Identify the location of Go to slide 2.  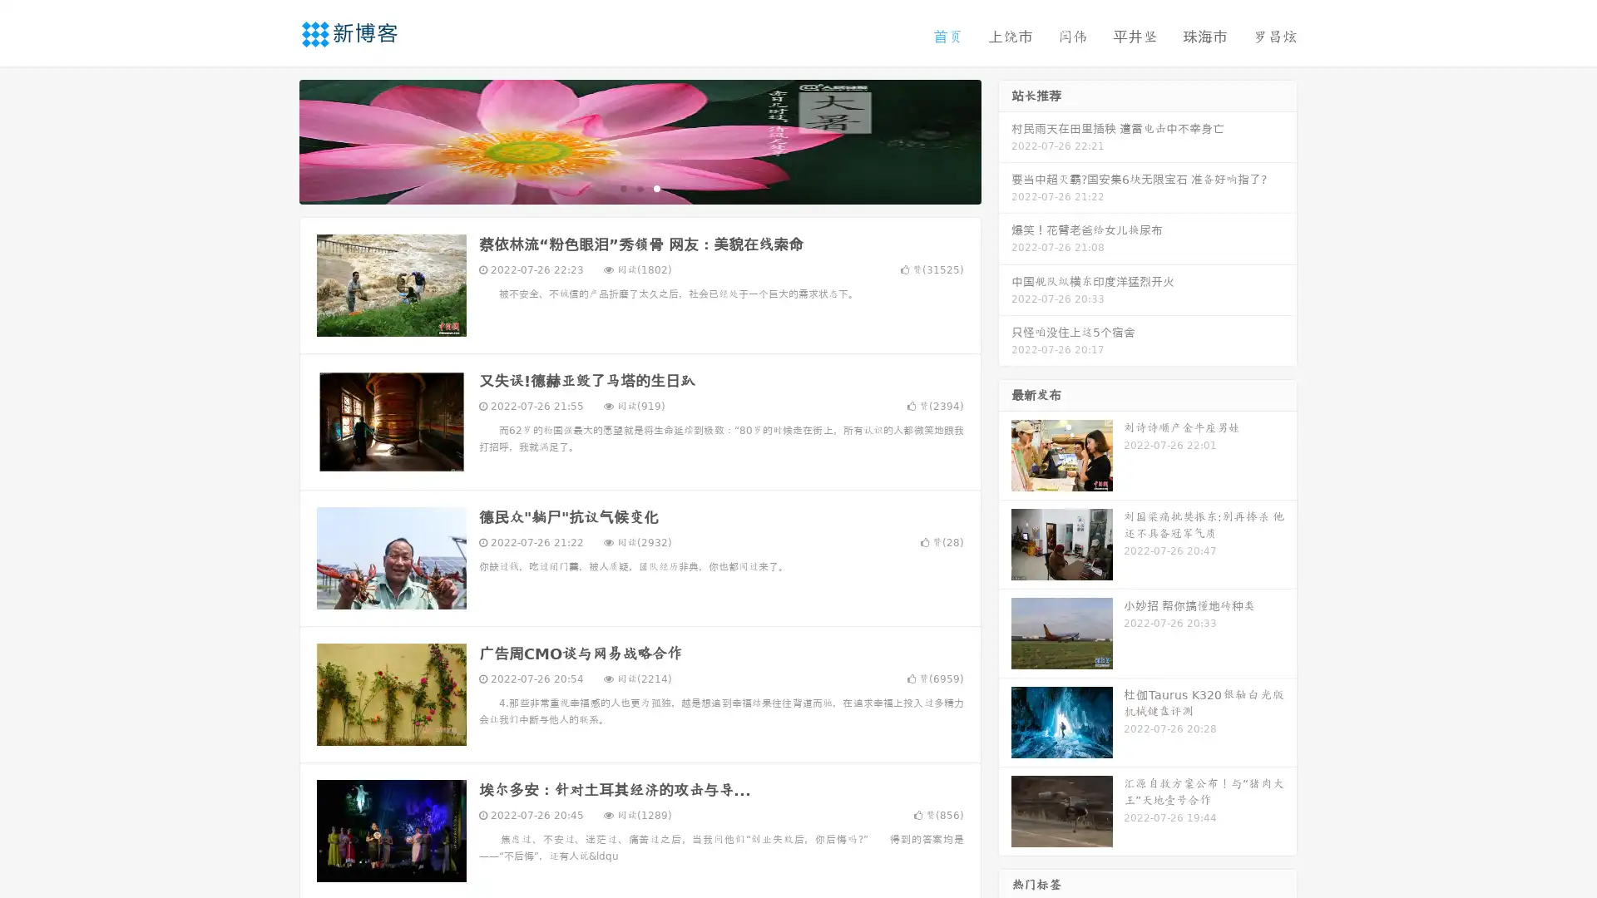
(639, 187).